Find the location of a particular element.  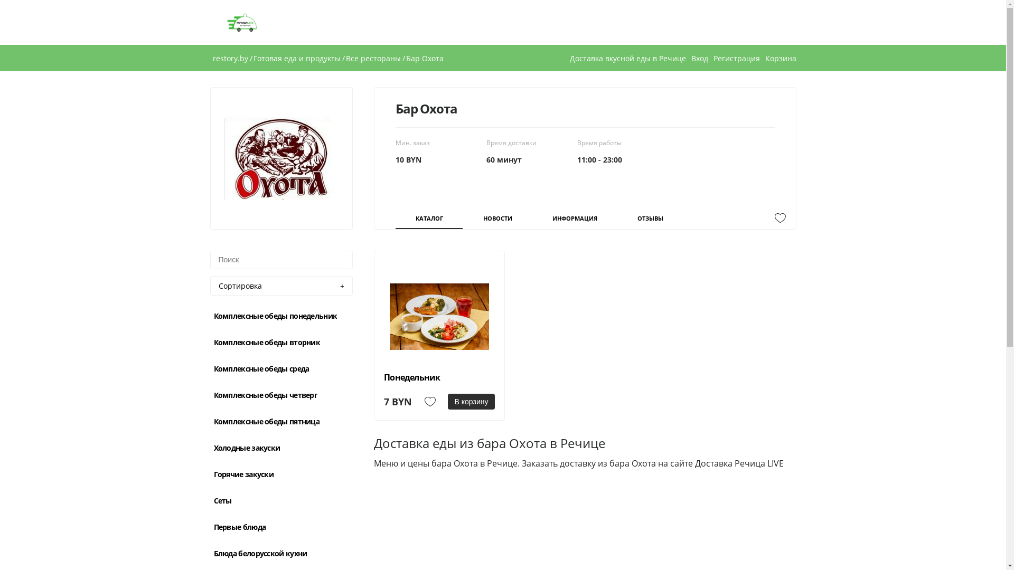

'restory.by' is located at coordinates (229, 58).